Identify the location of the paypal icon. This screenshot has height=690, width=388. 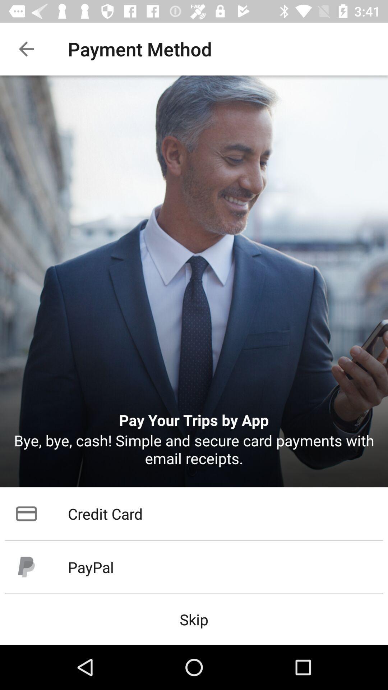
(194, 567).